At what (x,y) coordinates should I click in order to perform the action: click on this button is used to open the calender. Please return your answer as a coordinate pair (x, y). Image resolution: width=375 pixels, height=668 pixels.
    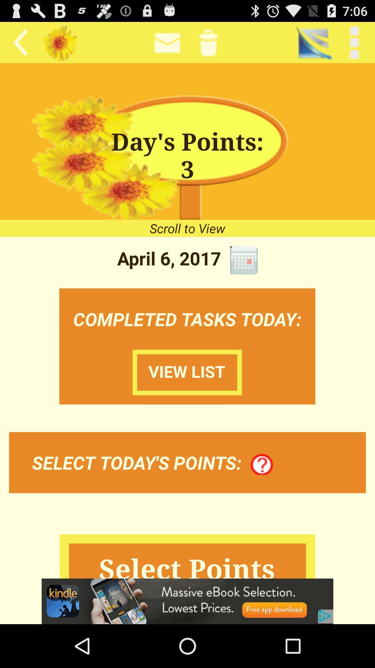
    Looking at the image, I should click on (243, 260).